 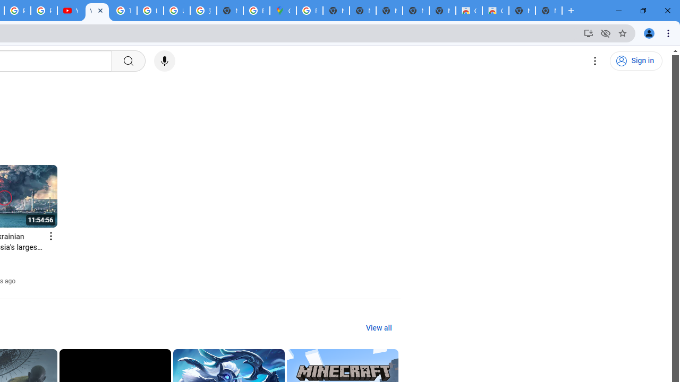 What do you see at coordinates (495, 11) in the screenshot?
I see `'Classic Blue - Chrome Web Store'` at bounding box center [495, 11].